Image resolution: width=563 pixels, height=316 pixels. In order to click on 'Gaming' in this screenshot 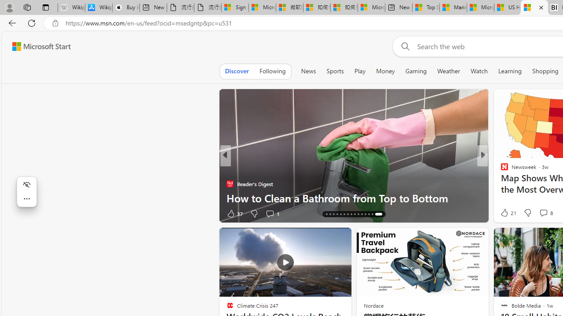, I will do `click(415, 71)`.